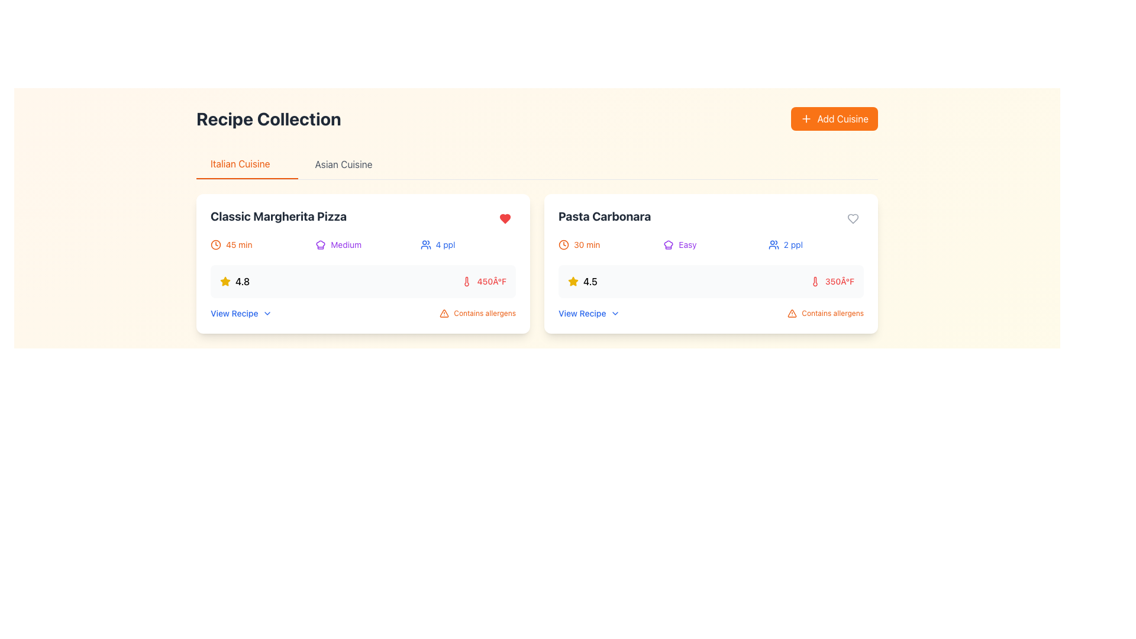 This screenshot has height=639, width=1136. I want to click on the text component displaying the title 'Recipe Collection' in bold, located on the upper-left side of the view, so click(268, 118).